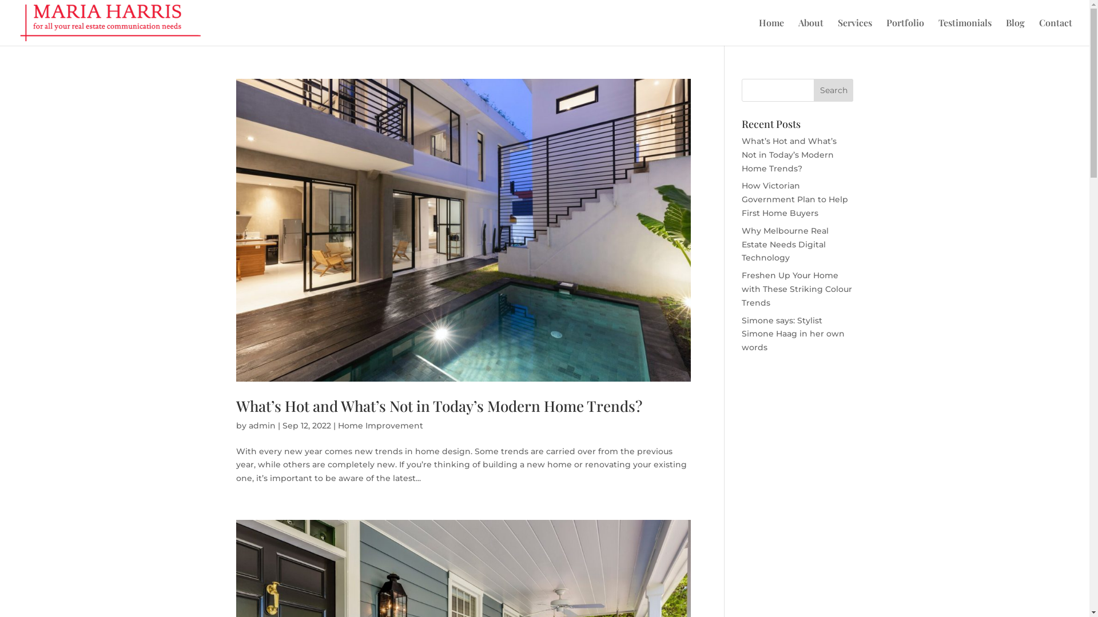 The height and width of the screenshot is (617, 1098). What do you see at coordinates (794, 198) in the screenshot?
I see `'How Victorian Government Plan to Help First Home Buyers'` at bounding box center [794, 198].